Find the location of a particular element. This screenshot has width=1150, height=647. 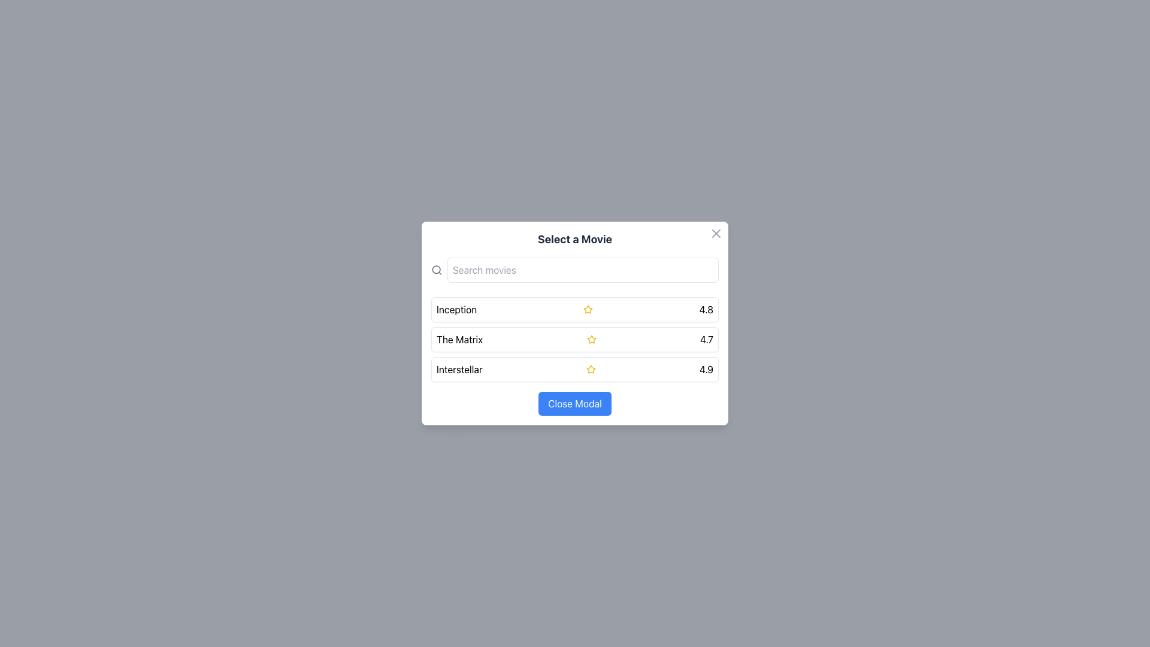

the rating text label displaying the movie 'Interstellar' to trigger tooltips. This label is located on the far-right side of the 'Interstellar' row, adjacent to a yellow star icon is located at coordinates (706, 369).